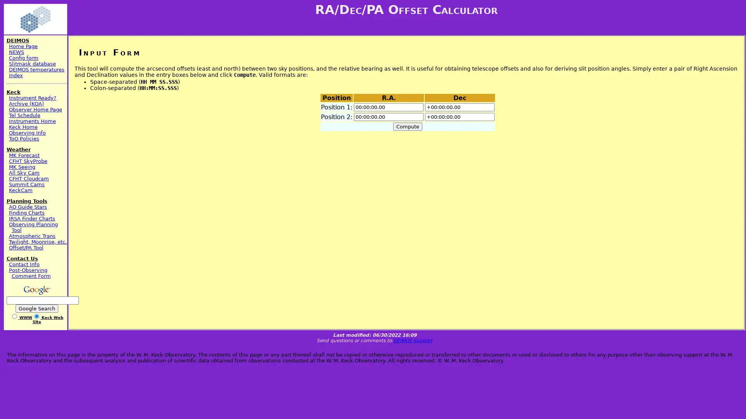 The width and height of the screenshot is (746, 419). I want to click on Compute, so click(407, 126).